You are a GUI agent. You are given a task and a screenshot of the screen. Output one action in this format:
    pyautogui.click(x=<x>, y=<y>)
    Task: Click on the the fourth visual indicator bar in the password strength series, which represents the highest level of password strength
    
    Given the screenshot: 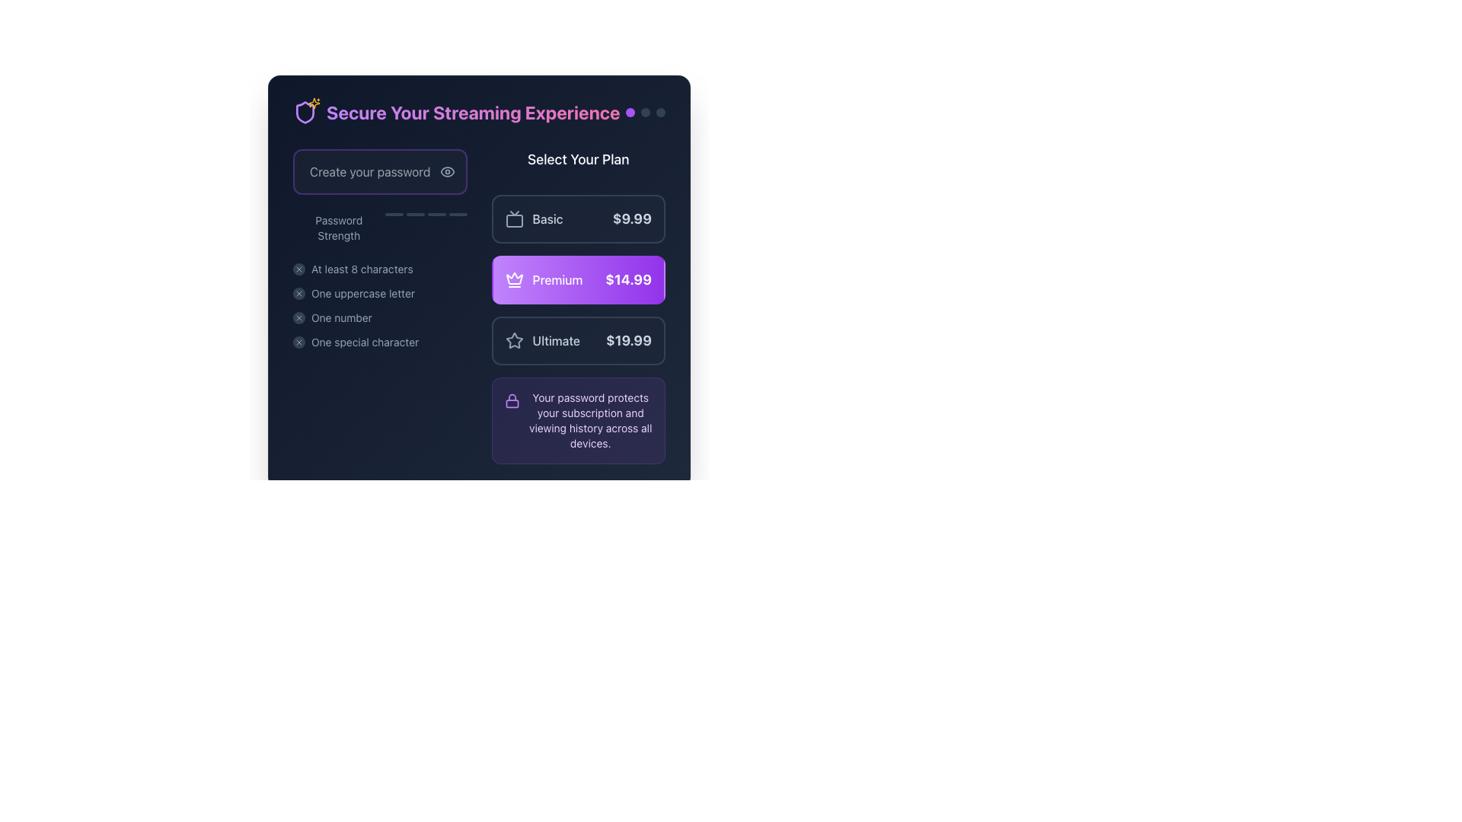 What is the action you would take?
    pyautogui.click(x=457, y=214)
    